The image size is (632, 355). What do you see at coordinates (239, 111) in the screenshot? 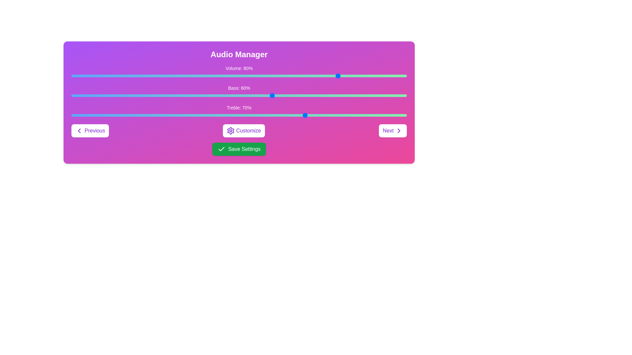
I see `the treble slider control, which is the third slider positioned below the 'Bass: 60%' slider` at bounding box center [239, 111].